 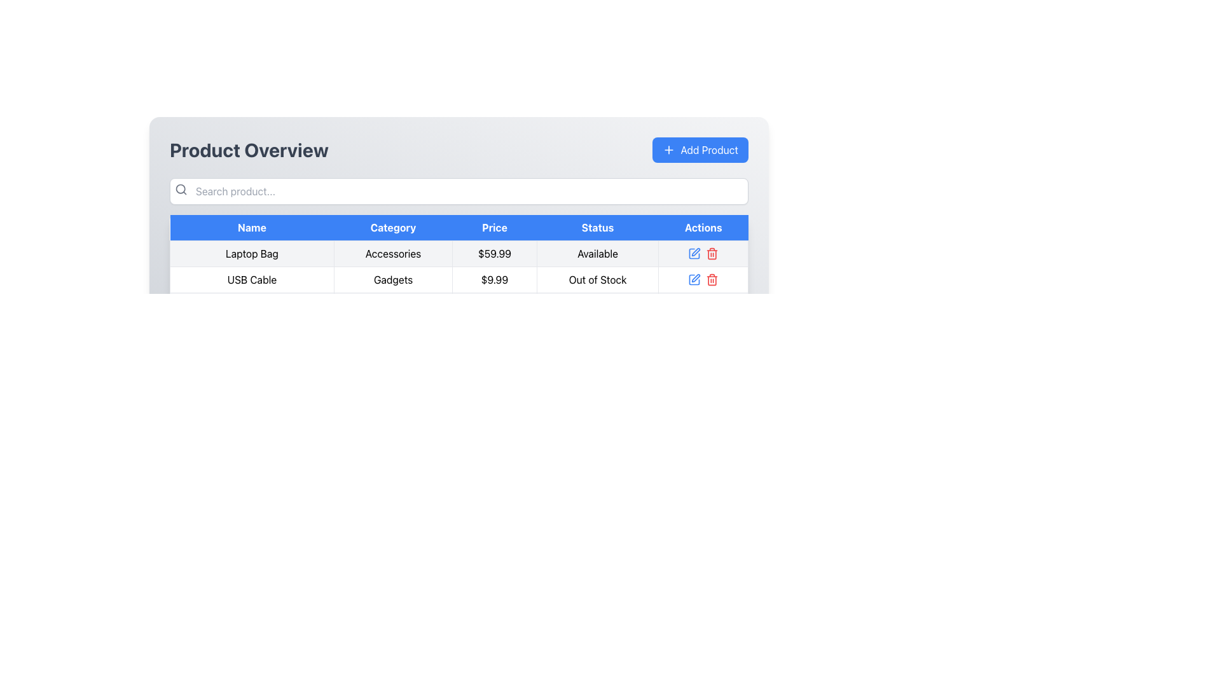 What do you see at coordinates (703, 253) in the screenshot?
I see `the Control group, which is a horizontal group of icons and illustrations located in the 'Actions' column of the top row of a tabular structure, positioned to the right of the row contents` at bounding box center [703, 253].